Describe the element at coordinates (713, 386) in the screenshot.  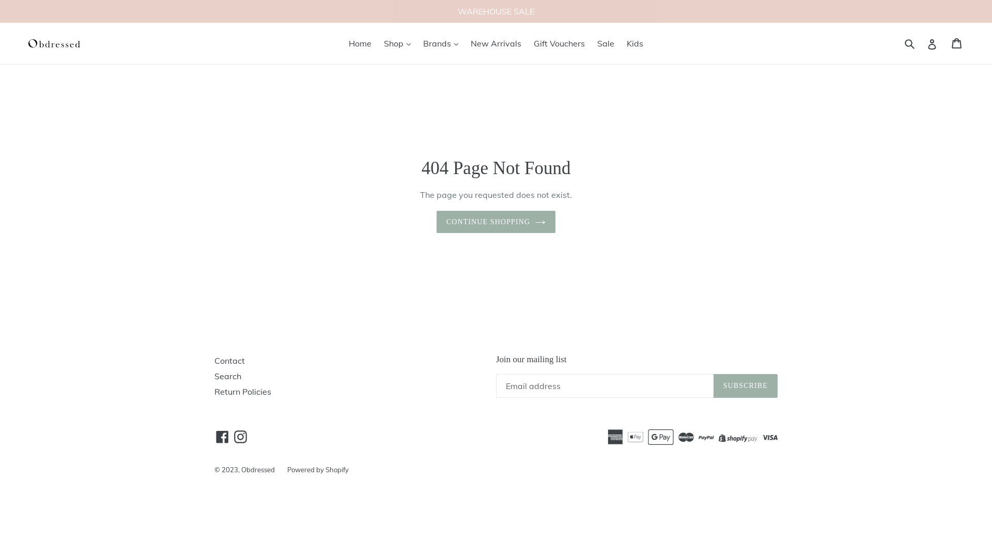
I see `'SUBSCRIBE'` at that location.